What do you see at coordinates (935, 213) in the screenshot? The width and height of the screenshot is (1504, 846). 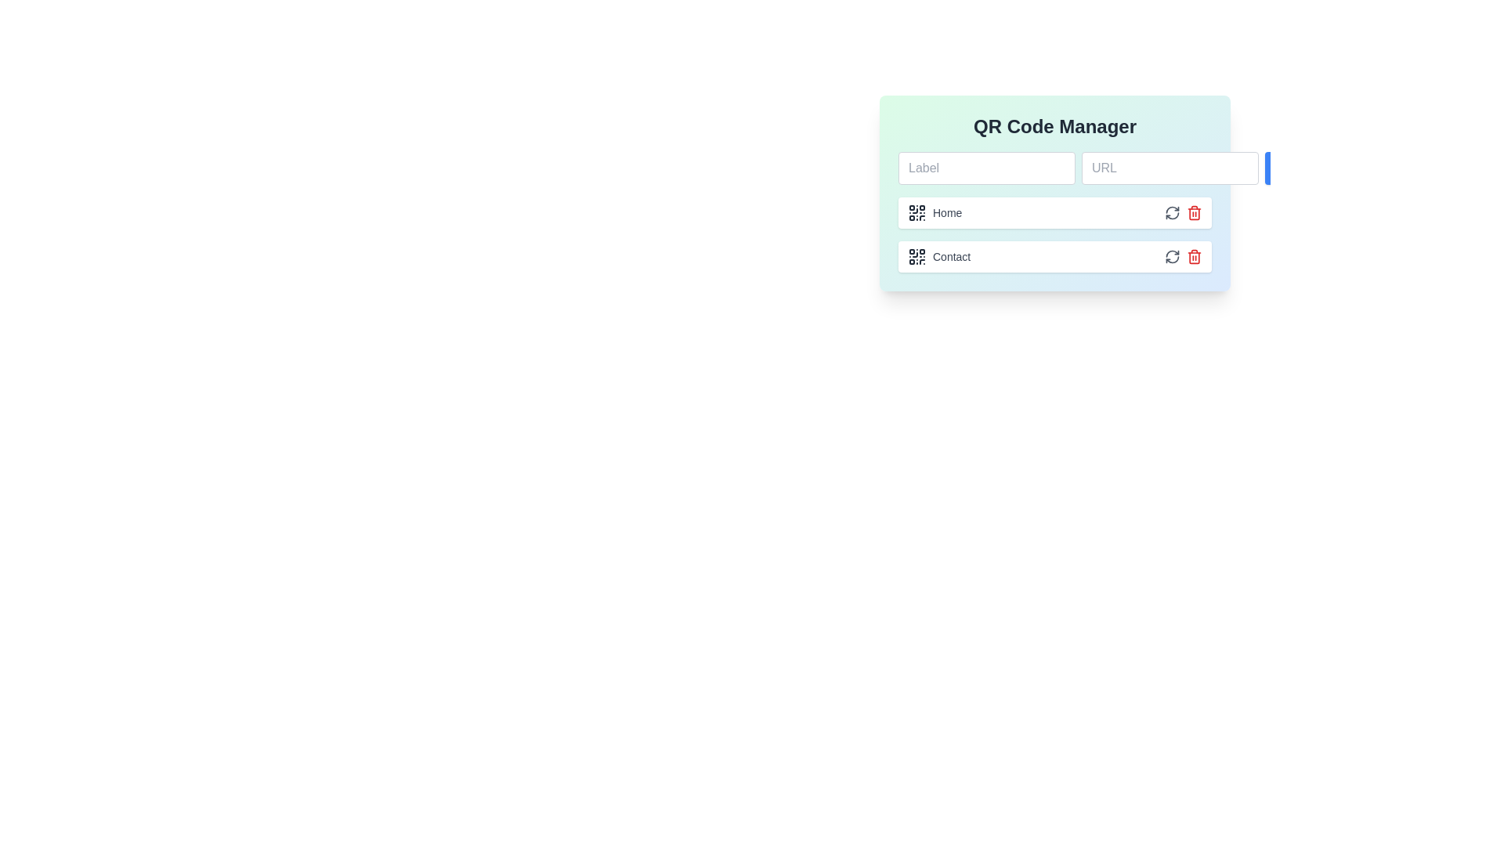 I see `the 'Home' label in the first row of the list within the 'QR Code Manager' panel, which is located directly above the 'Contact' item` at bounding box center [935, 213].